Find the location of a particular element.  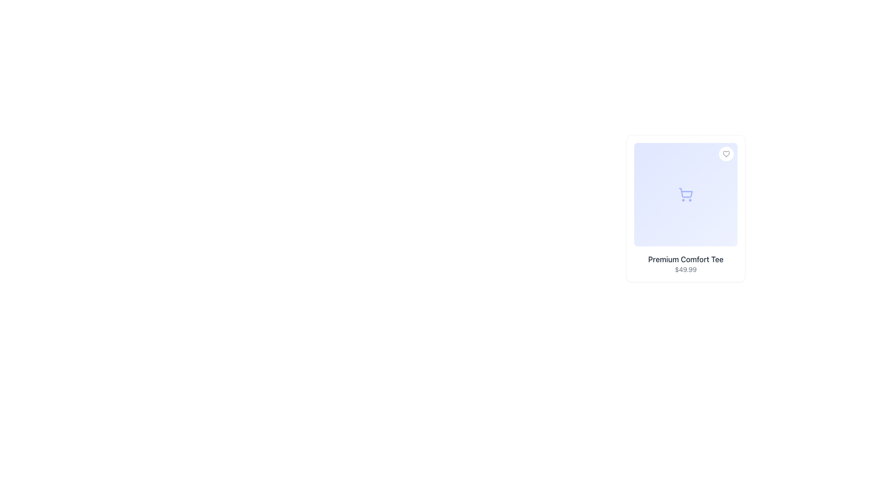

the heart icon located in the top-right corner of the product card is located at coordinates (726, 154).